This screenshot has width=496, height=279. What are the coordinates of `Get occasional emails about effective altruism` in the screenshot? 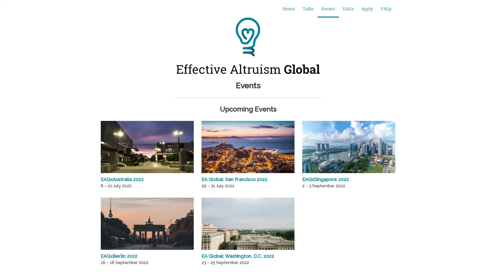 It's located at (204, 9).